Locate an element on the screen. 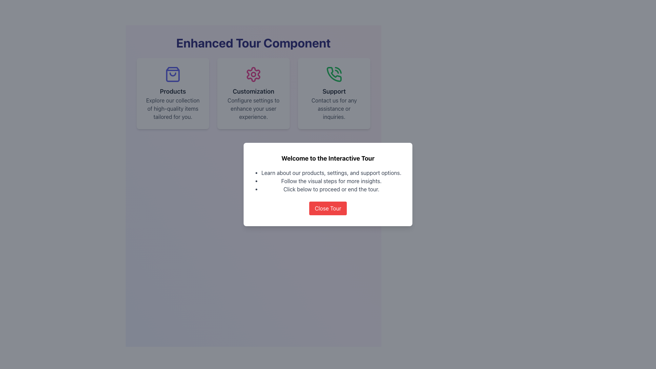 This screenshot has width=656, height=369. the green phone icon with signal waves, which is positioned above the text 'Support' in the Support card is located at coordinates (334, 74).